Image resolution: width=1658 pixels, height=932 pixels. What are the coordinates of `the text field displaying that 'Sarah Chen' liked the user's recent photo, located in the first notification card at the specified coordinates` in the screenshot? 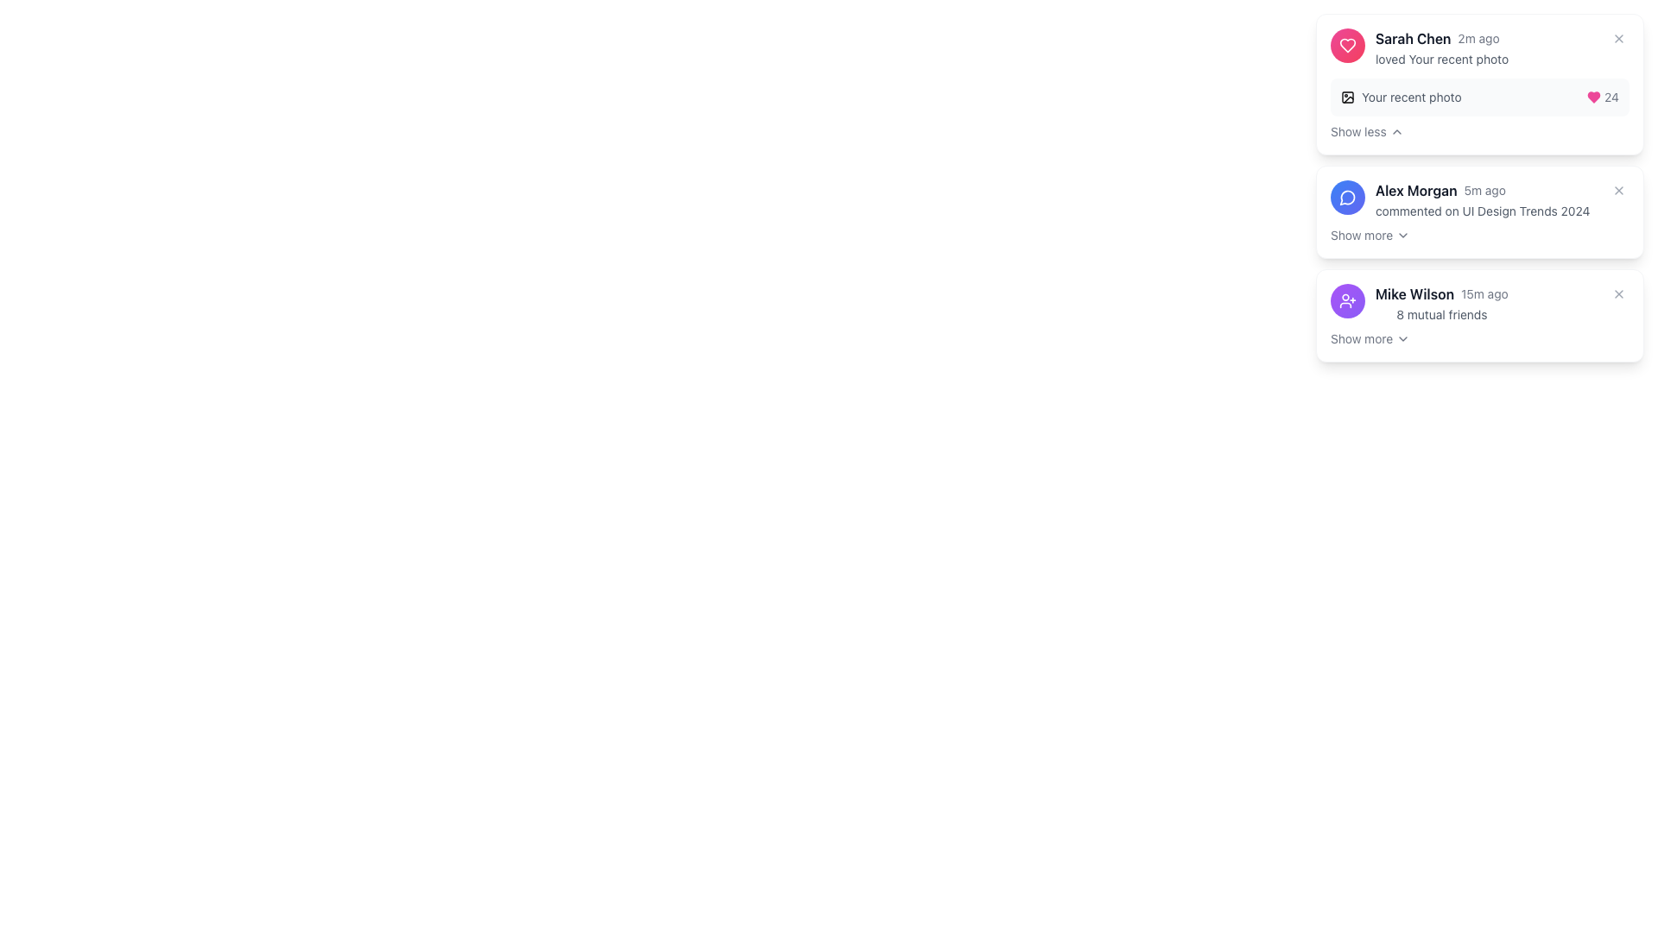 It's located at (1442, 47).